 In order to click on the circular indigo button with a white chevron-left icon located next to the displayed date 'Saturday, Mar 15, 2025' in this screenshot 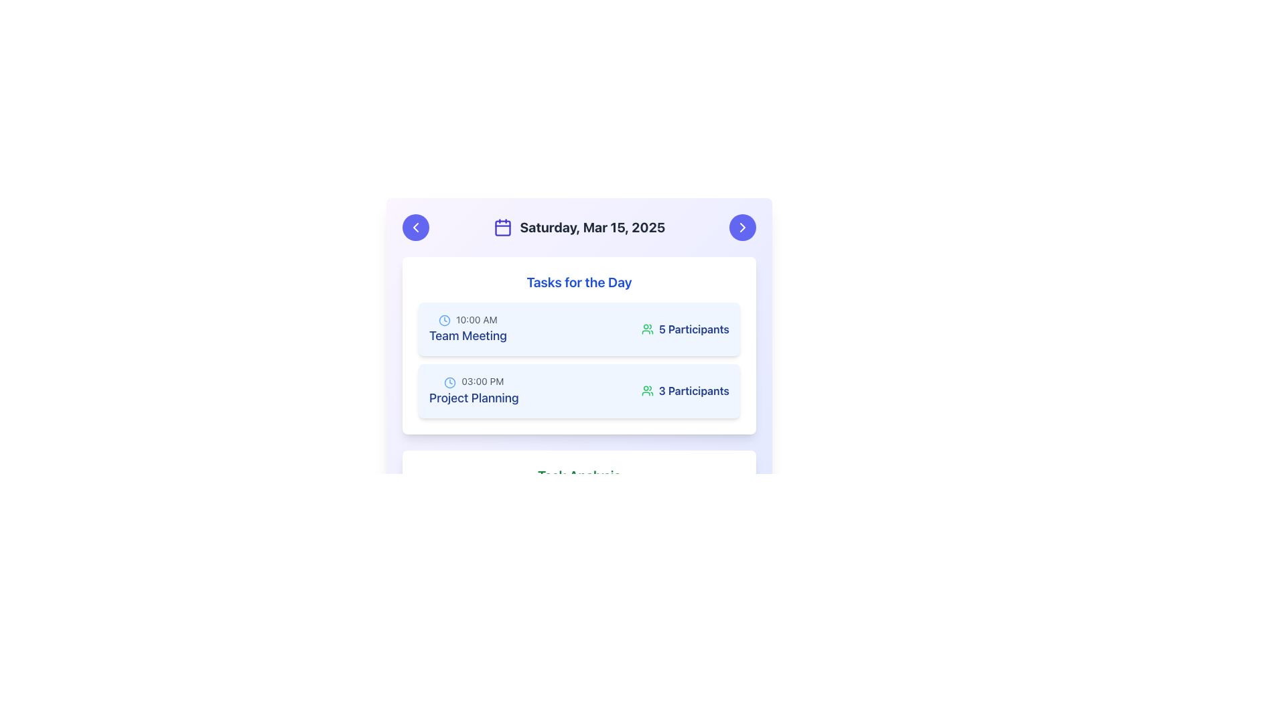, I will do `click(415, 226)`.